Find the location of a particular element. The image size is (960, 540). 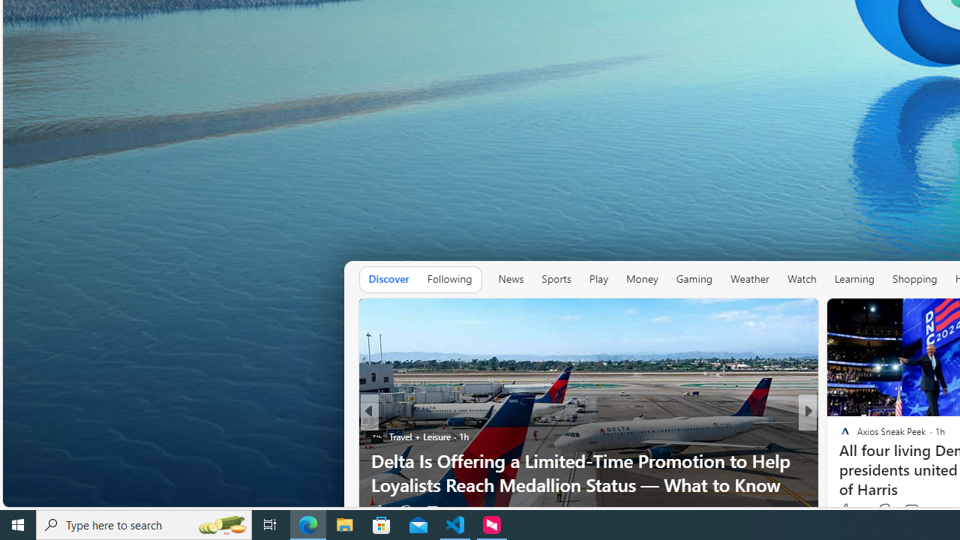

'House Digest' is located at coordinates (838, 436).